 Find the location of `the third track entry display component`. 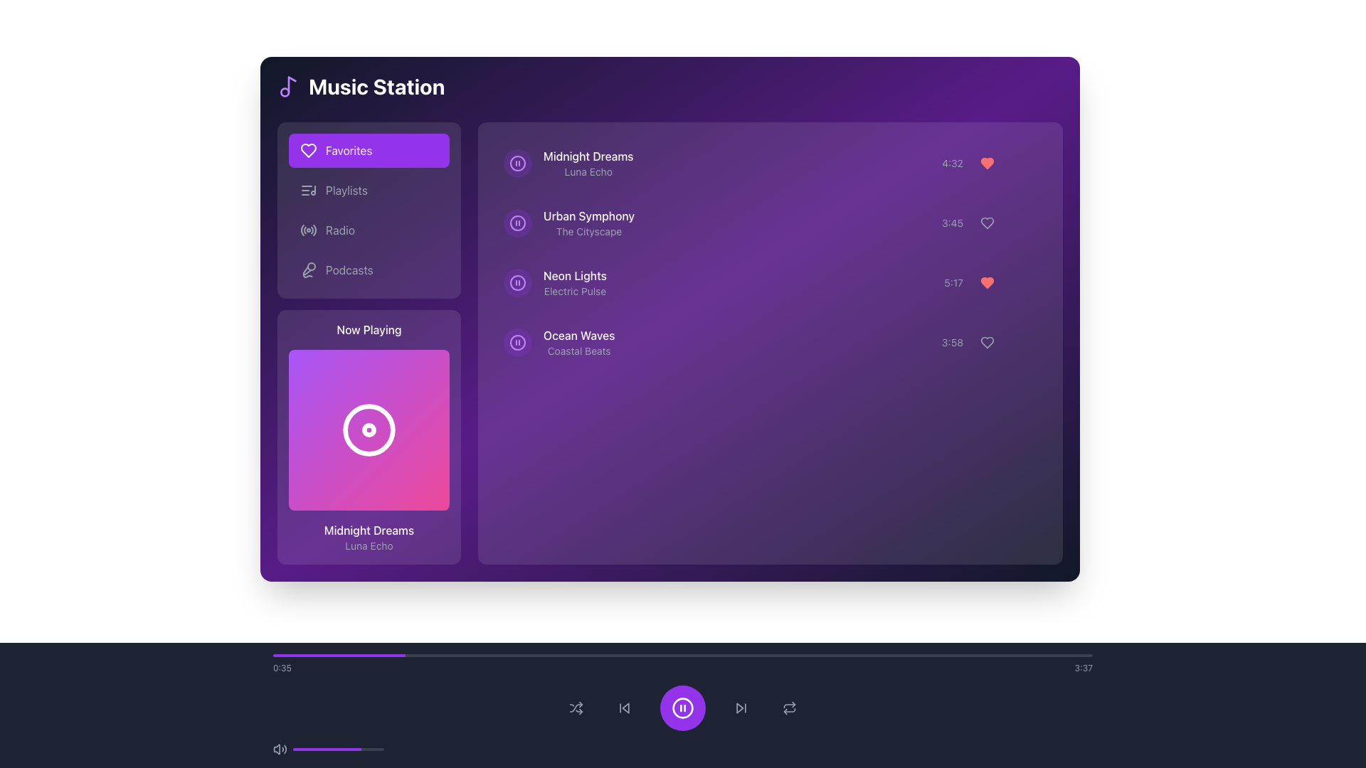

the third track entry display component is located at coordinates (554, 282).